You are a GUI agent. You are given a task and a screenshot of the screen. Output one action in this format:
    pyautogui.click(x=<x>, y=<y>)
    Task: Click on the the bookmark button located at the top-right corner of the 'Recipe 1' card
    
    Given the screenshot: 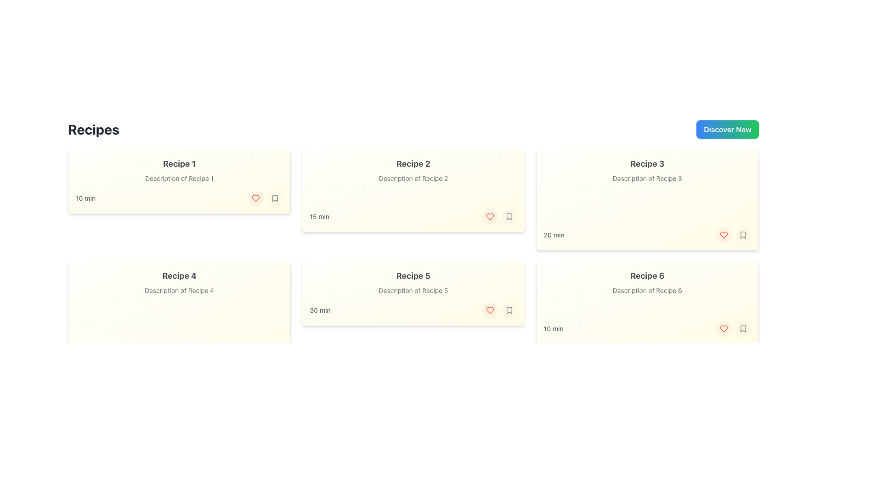 What is the action you would take?
    pyautogui.click(x=275, y=198)
    